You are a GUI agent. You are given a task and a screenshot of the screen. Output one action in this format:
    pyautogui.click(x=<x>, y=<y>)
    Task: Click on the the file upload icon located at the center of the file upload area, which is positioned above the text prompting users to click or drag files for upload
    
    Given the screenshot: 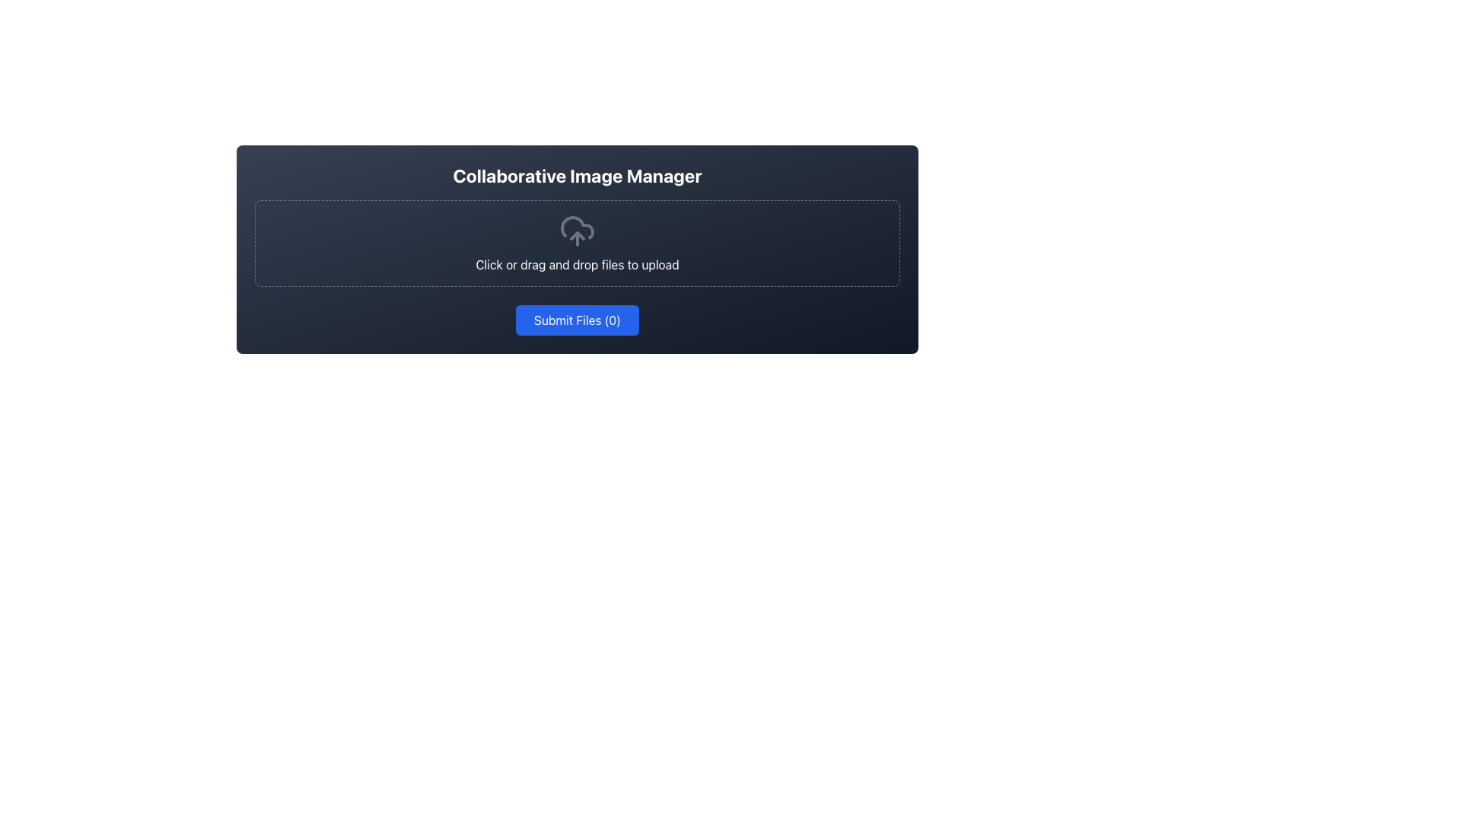 What is the action you would take?
    pyautogui.click(x=576, y=231)
    